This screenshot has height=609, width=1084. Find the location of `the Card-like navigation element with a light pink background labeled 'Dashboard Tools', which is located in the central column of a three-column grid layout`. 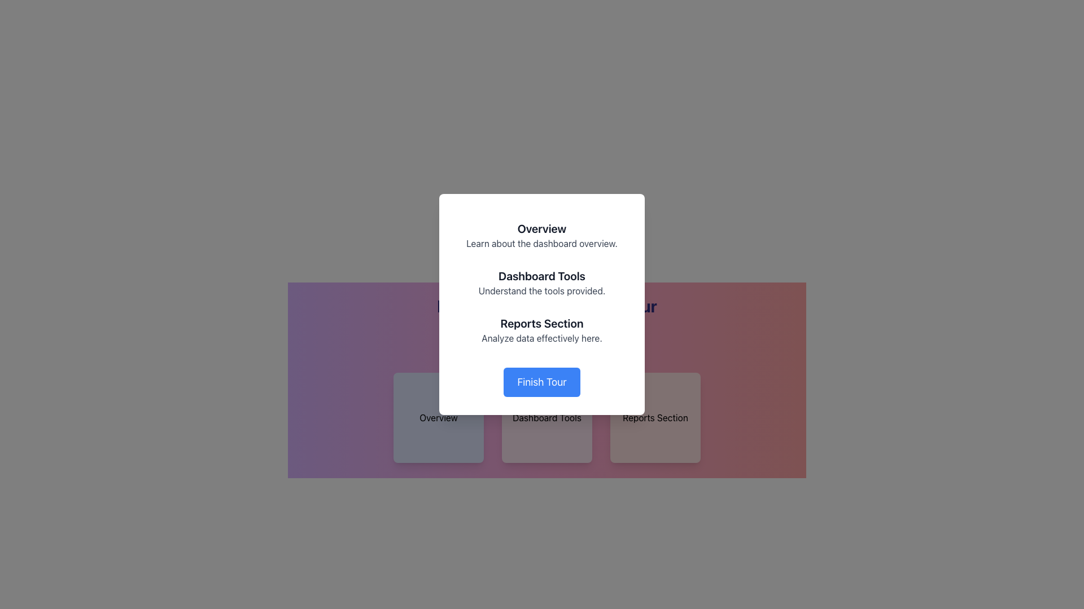

the Card-like navigation element with a light pink background labeled 'Dashboard Tools', which is located in the central column of a three-column grid layout is located at coordinates (547, 417).